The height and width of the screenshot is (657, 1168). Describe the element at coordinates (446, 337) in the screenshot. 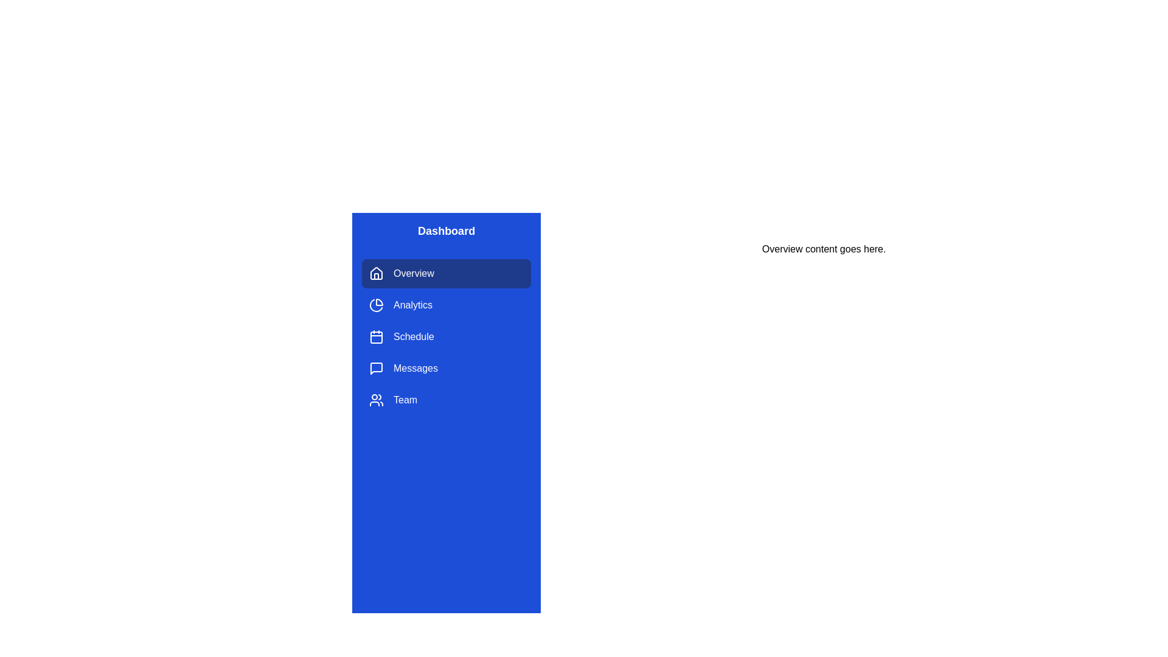

I see `the 'Overview' item in the vertical navigation menu` at that location.